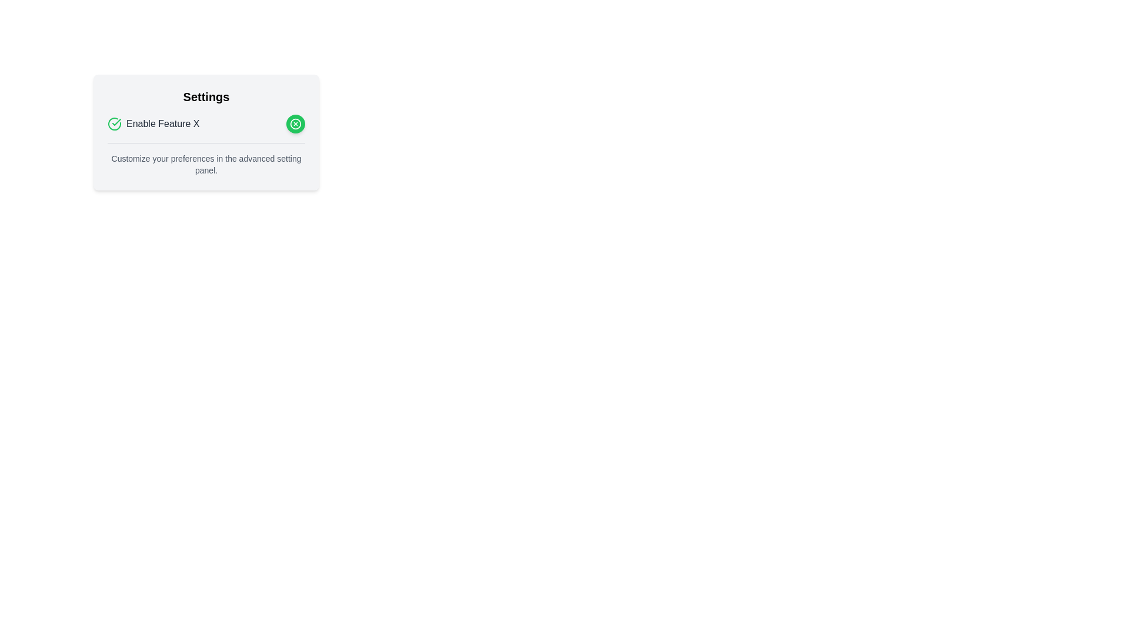 The width and height of the screenshot is (1129, 635). I want to click on the informational text label that guides users on adjusting their preferences within the advanced setting panel, located below the 'Enable Feature X' section, so click(206, 159).